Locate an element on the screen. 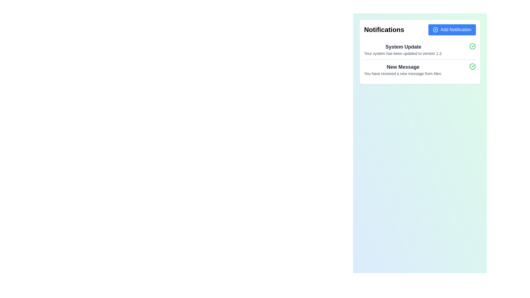  the blue 'Add Notification' button with white text and a plus sign icon is located at coordinates (452, 30).